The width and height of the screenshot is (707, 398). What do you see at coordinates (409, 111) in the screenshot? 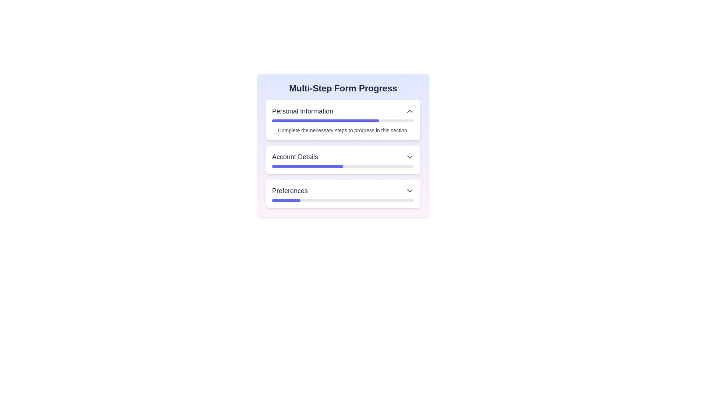
I see `the upward-pointing chevron SVG icon located to the right of the 'Personal Information' text` at bounding box center [409, 111].